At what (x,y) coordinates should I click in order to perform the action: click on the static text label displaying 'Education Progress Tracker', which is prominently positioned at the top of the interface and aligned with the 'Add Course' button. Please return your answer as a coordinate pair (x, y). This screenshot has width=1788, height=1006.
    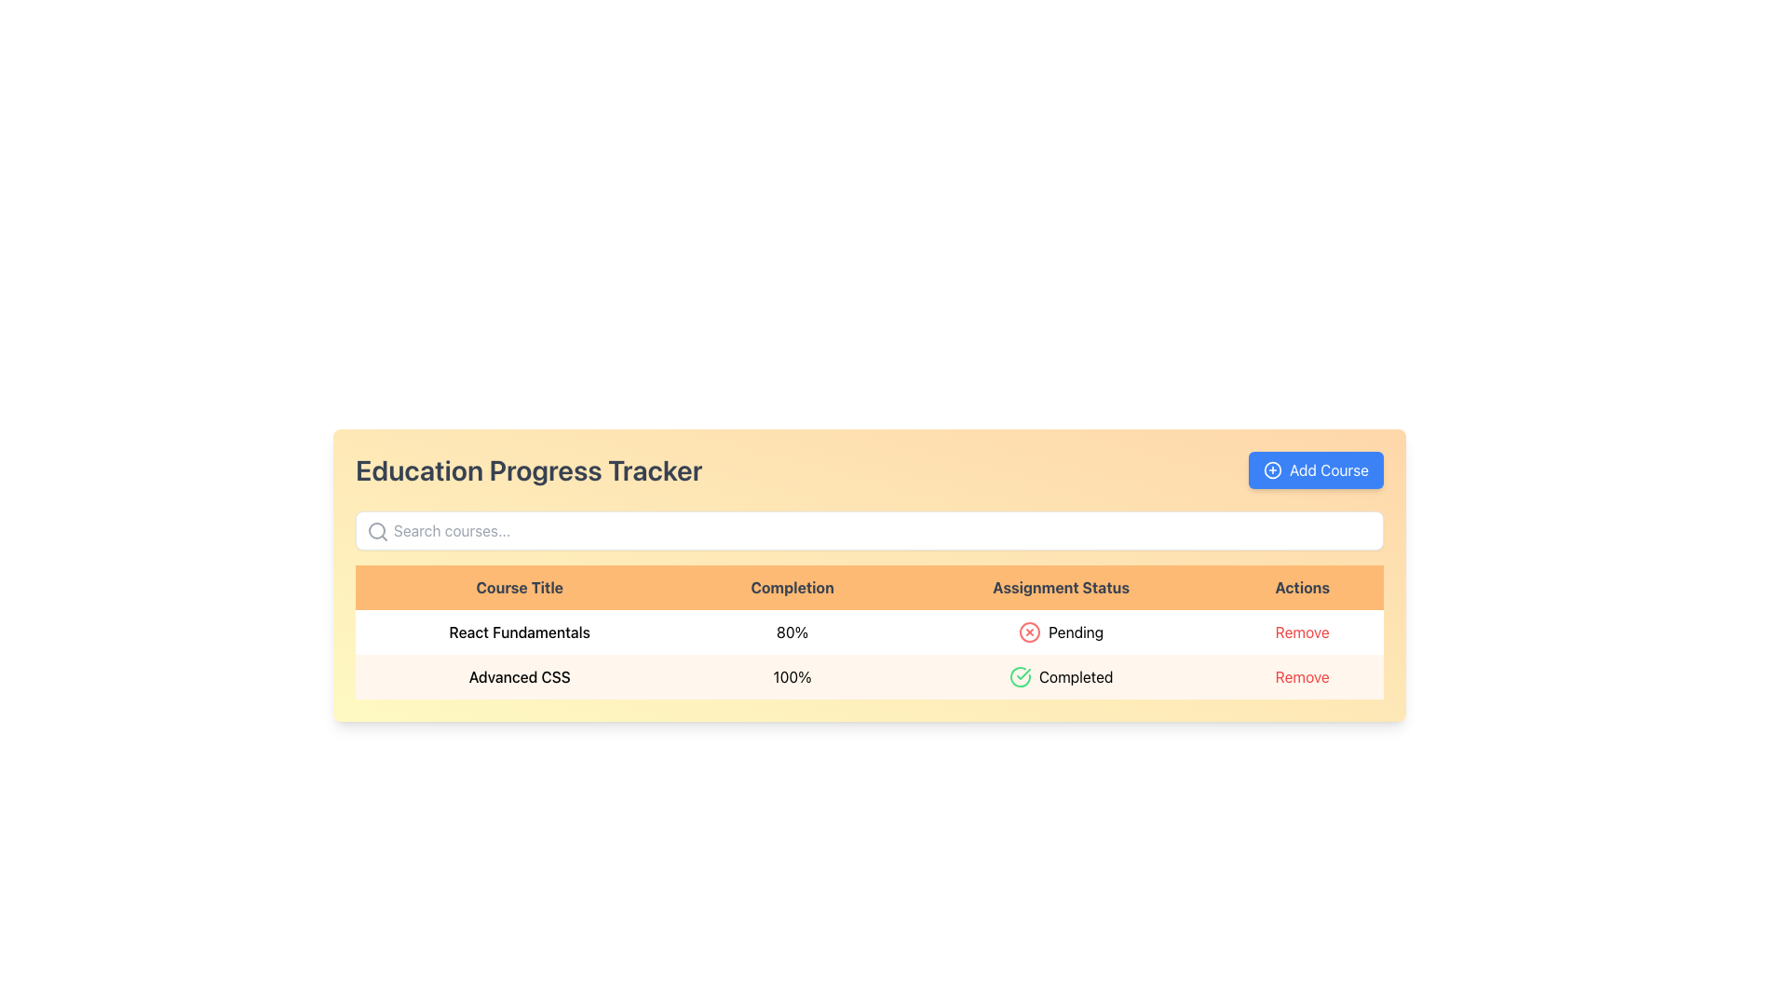
    Looking at the image, I should click on (528, 469).